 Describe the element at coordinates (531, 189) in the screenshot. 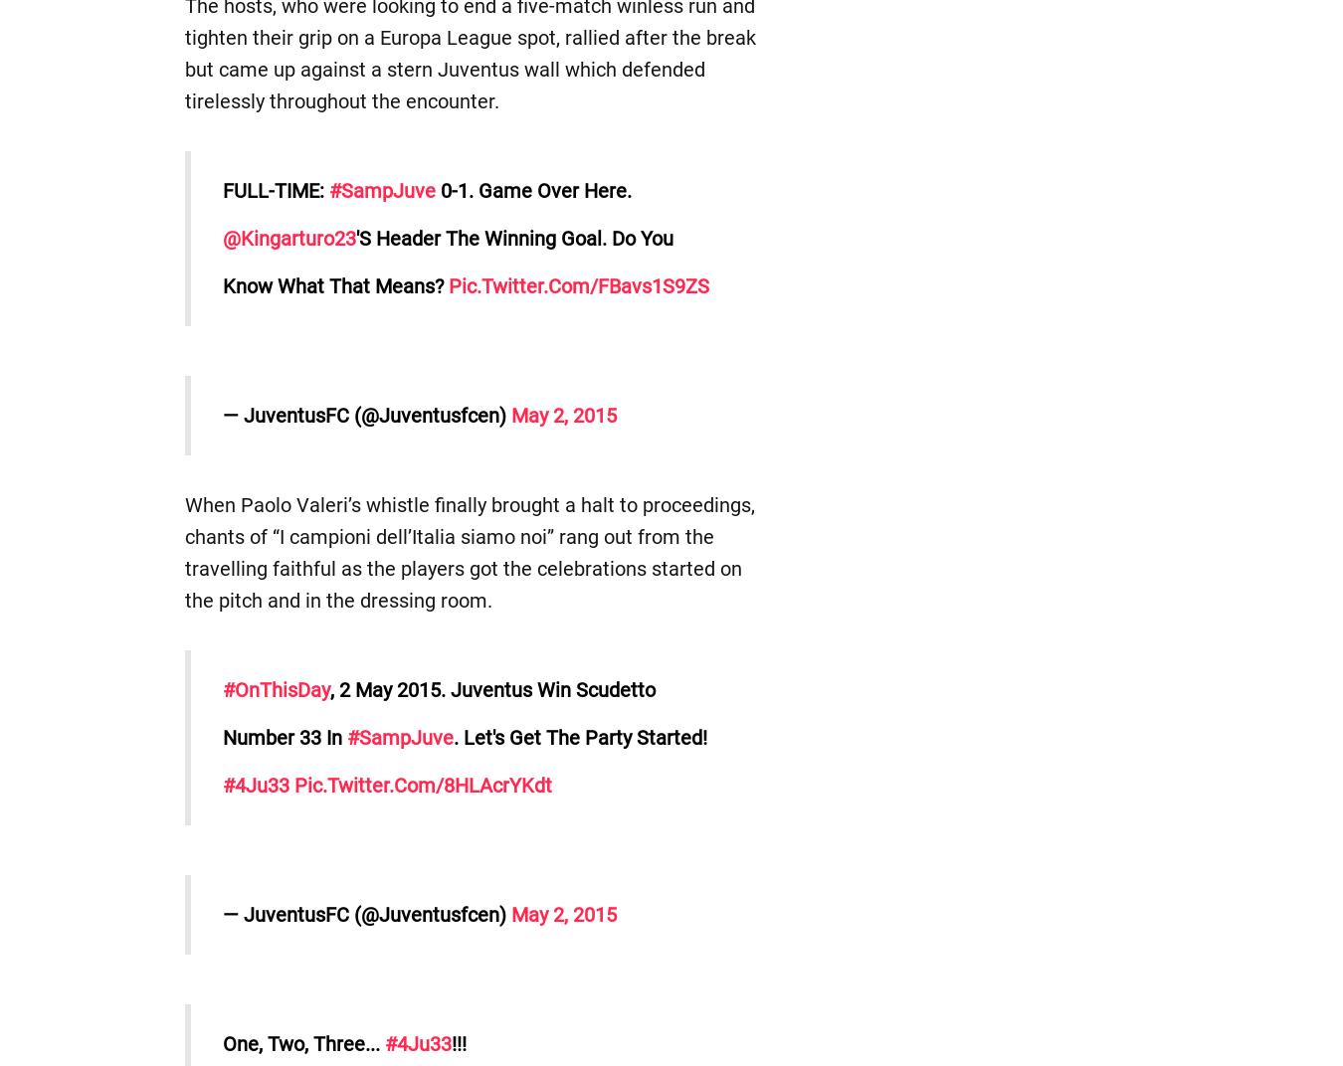

I see `'0-1. Game over here.'` at that location.